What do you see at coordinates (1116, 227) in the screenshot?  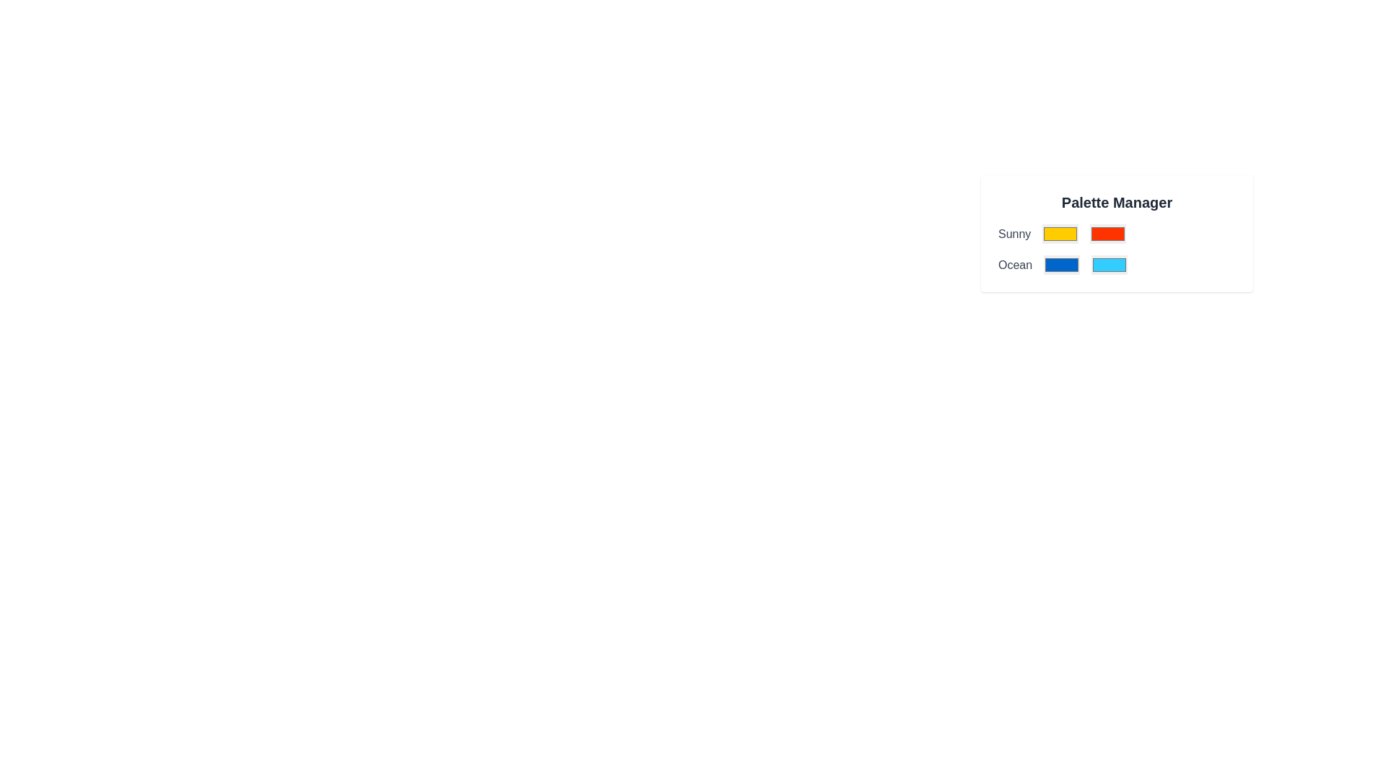 I see `the second color box from the left labeled 'Sunny' in the Palette Manager interface, which represents the color red` at bounding box center [1116, 227].